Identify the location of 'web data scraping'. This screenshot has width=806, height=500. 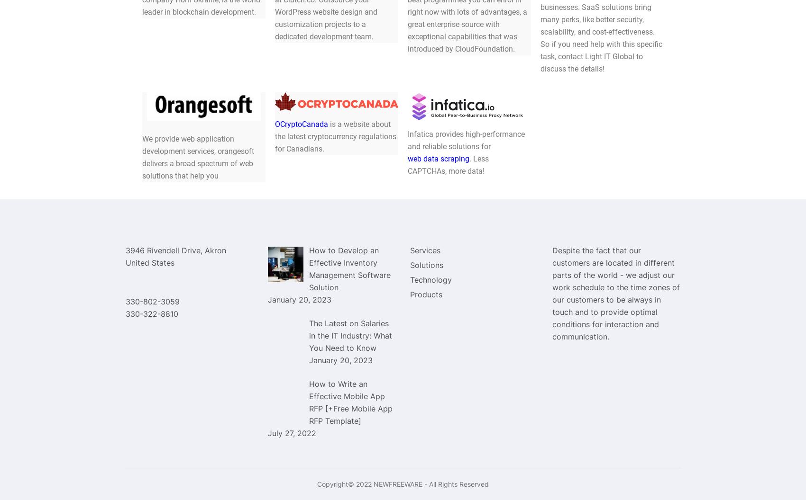
(438, 158).